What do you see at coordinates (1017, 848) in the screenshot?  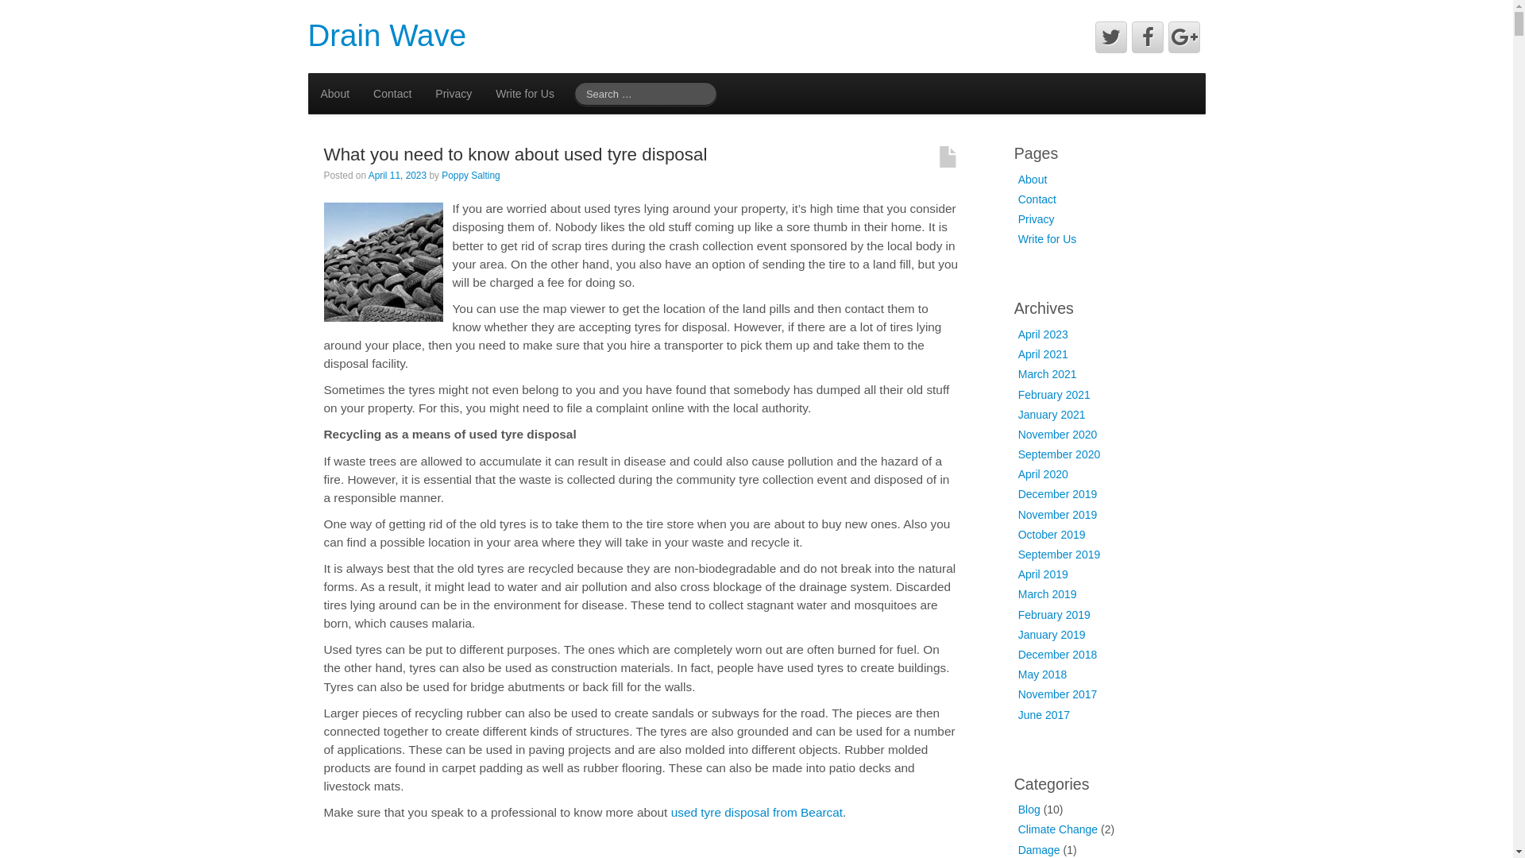 I see `'Damage'` at bounding box center [1017, 848].